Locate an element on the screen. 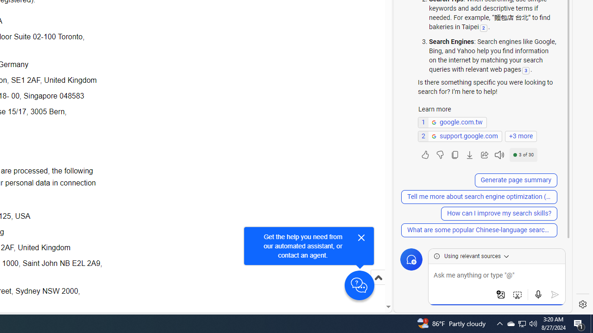  'Scroll to top' is located at coordinates (378, 277).